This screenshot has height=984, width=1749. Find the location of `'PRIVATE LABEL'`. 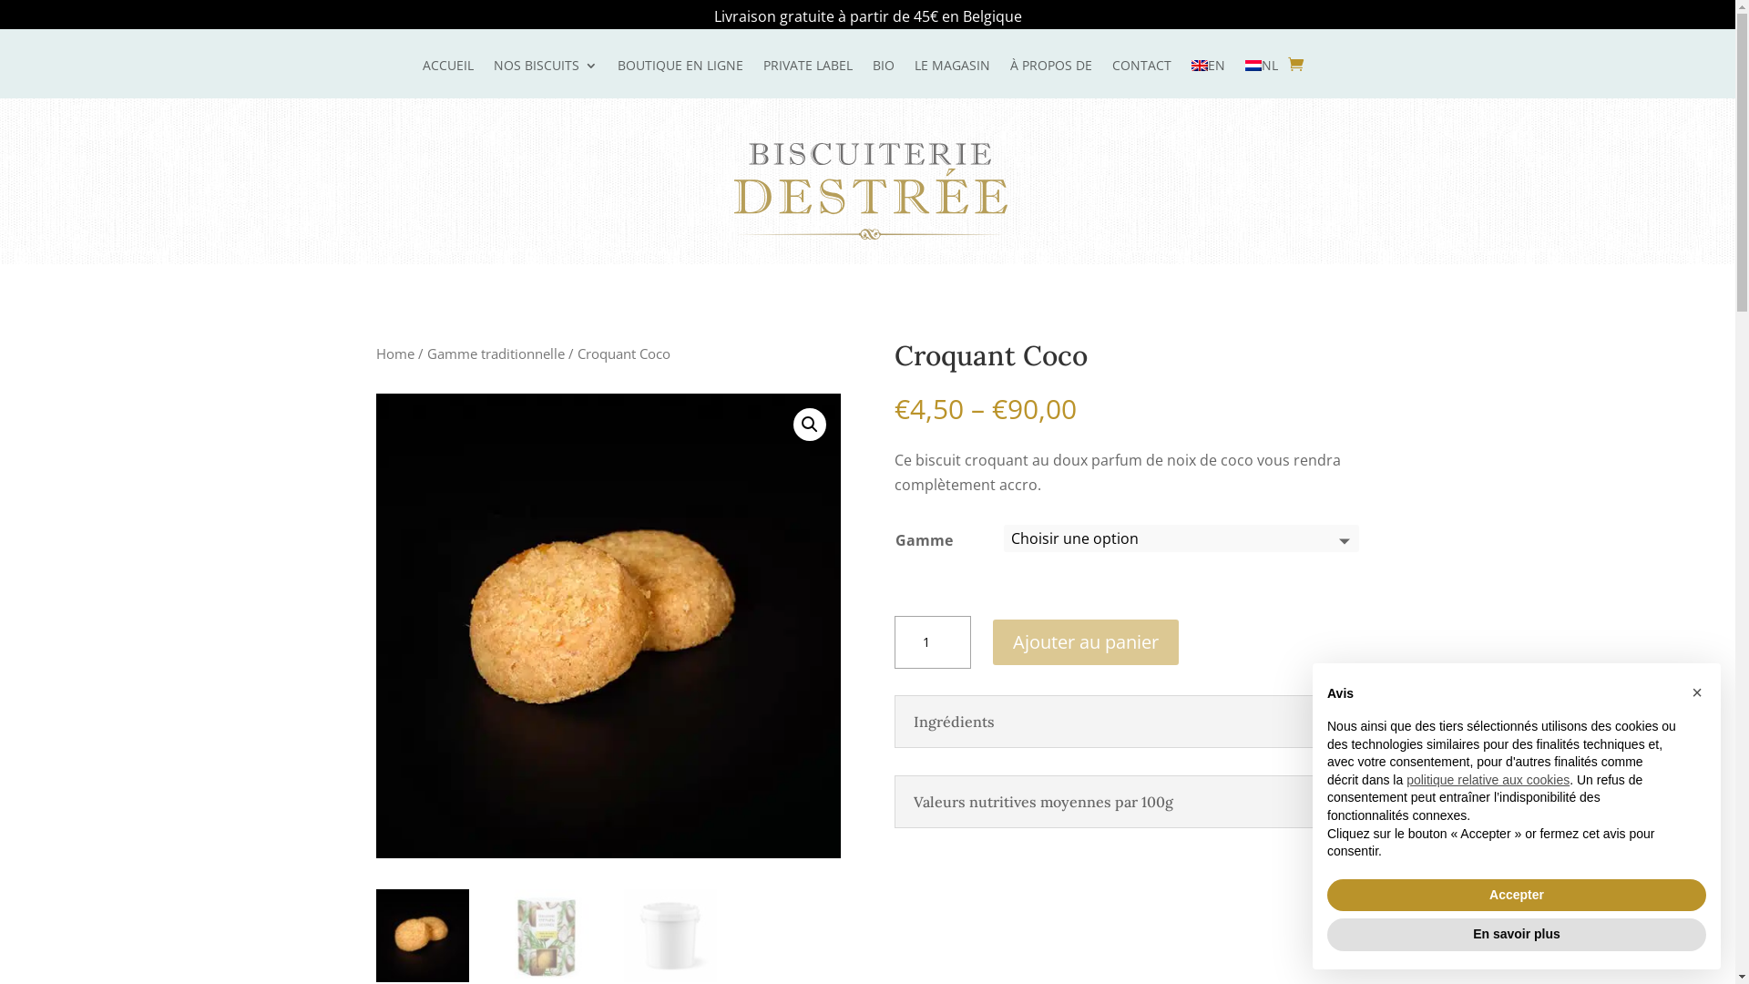

'PRIVATE LABEL' is located at coordinates (763, 77).